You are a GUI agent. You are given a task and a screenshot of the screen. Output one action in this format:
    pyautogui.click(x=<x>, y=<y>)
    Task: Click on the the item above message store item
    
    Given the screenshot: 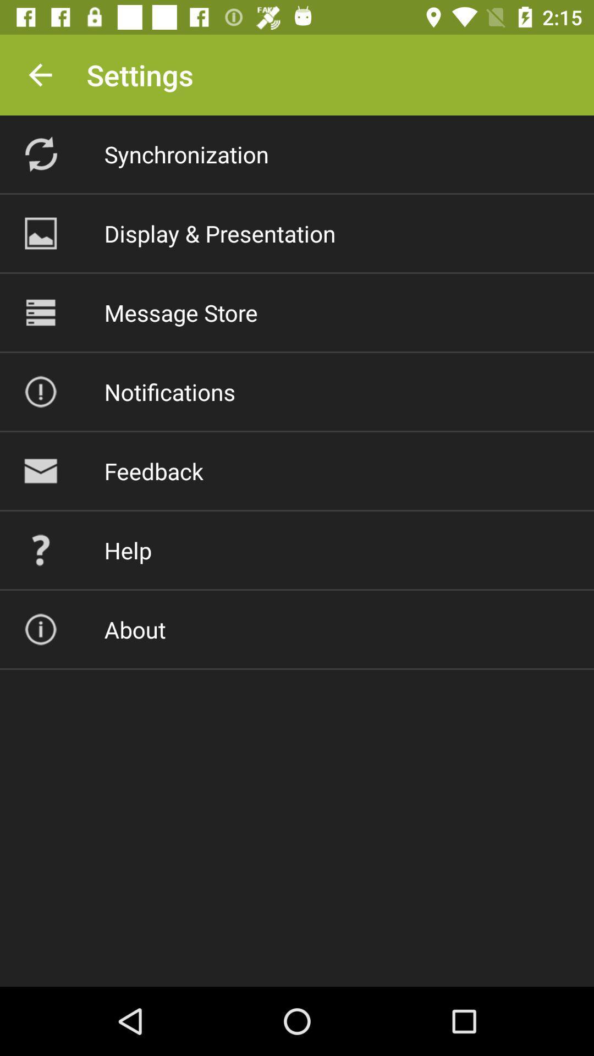 What is the action you would take?
    pyautogui.click(x=220, y=233)
    